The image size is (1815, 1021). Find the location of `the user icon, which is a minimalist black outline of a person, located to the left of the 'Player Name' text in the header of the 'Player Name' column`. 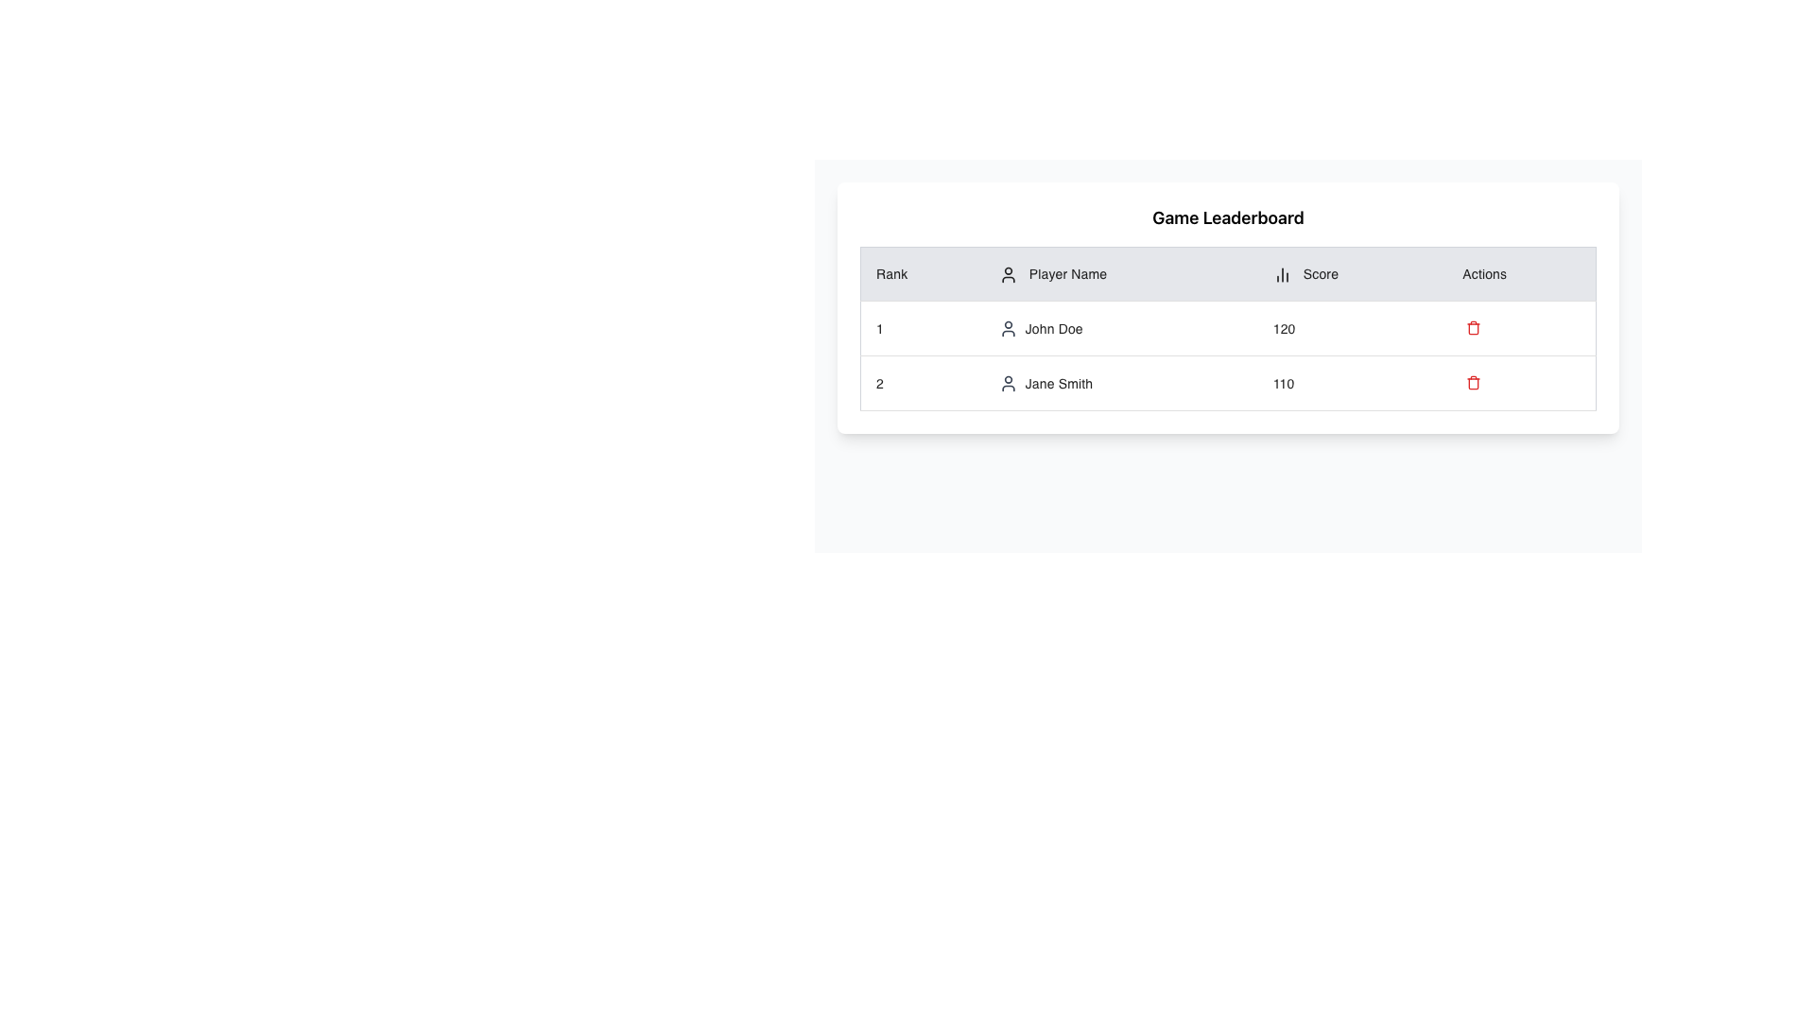

the user icon, which is a minimalist black outline of a person, located to the left of the 'Player Name' text in the header of the 'Player Name' column is located at coordinates (1007, 275).